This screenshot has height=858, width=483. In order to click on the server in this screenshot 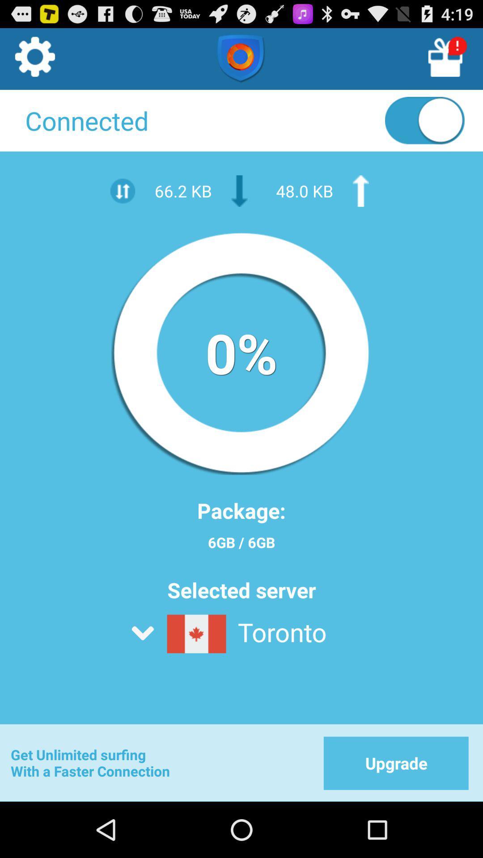, I will do `click(263, 657)`.